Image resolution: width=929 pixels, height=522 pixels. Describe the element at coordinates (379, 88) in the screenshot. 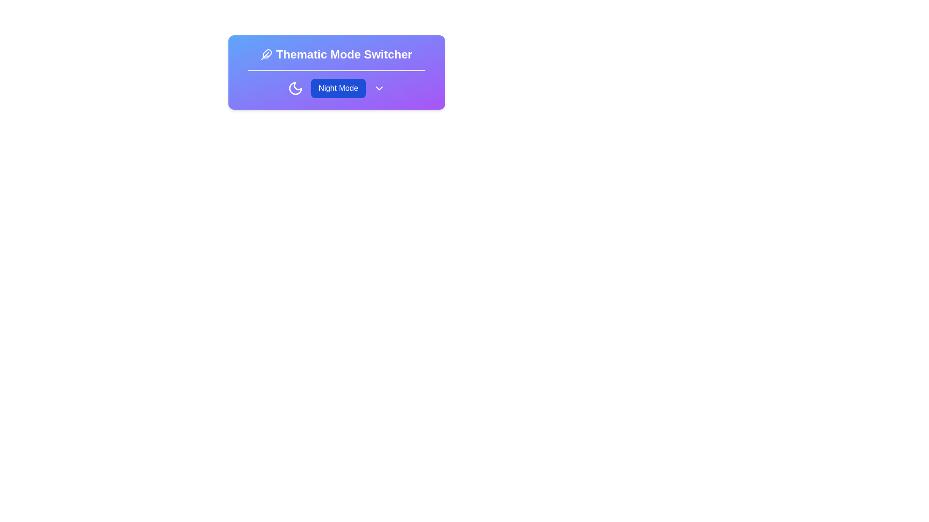

I see `the dropdown menu indicator icon located to the right of the 'Night Mode' button in the top-right section of the interface` at that location.